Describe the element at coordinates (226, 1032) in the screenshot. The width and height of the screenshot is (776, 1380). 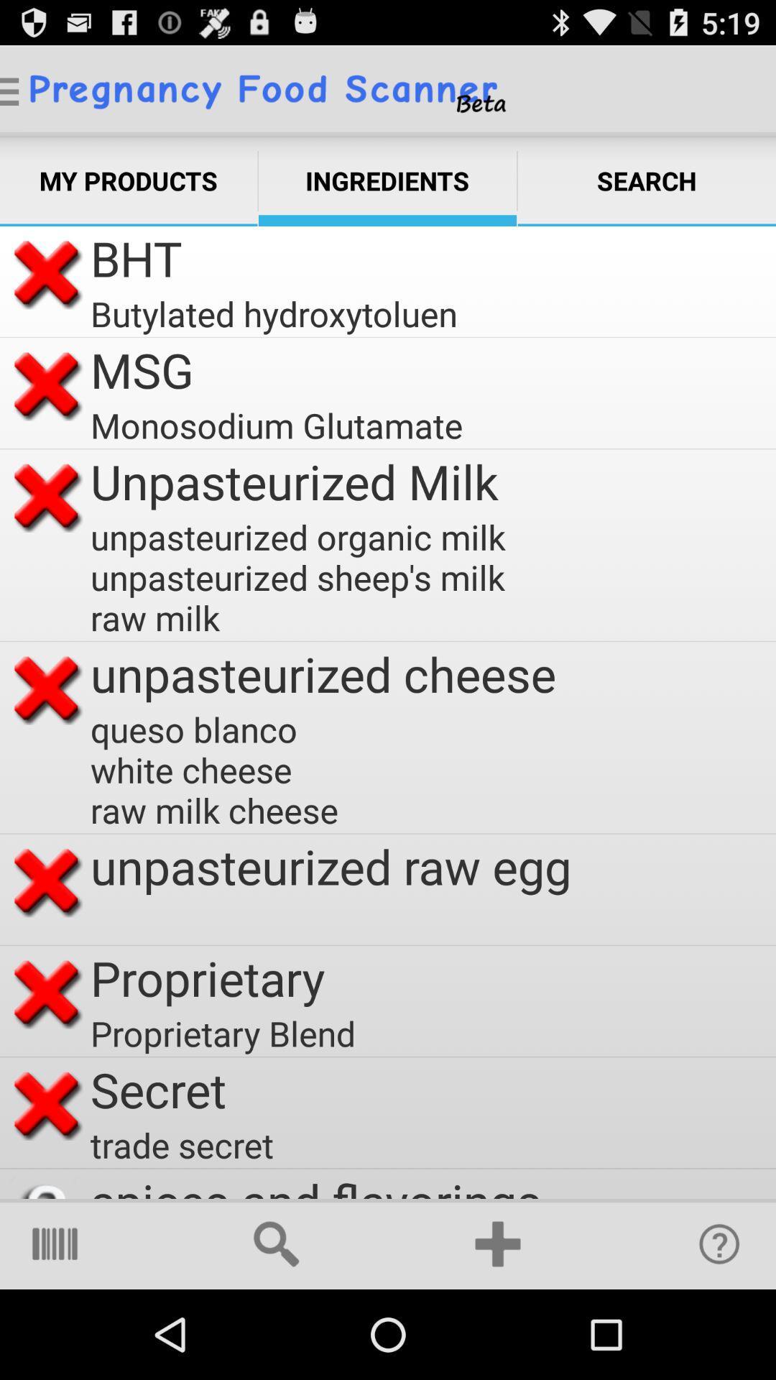
I see `proprietary blend  item` at that location.